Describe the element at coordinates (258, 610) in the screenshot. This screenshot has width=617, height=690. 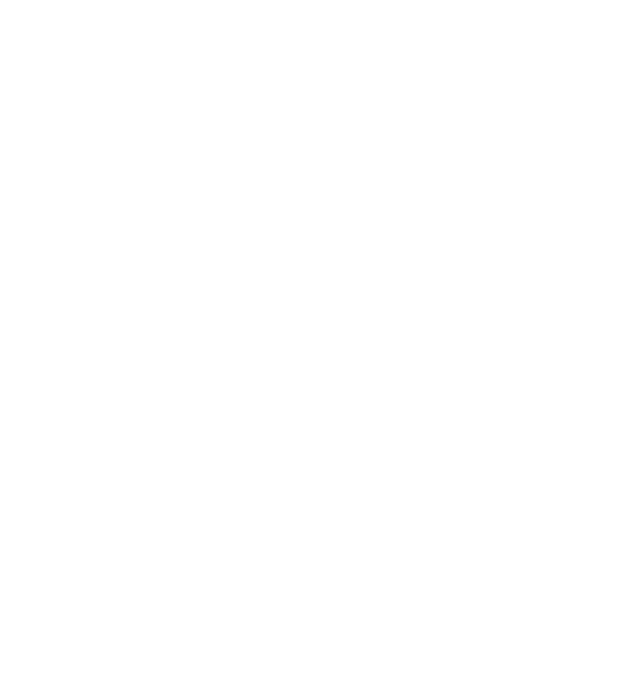
I see `'Harrison Audio 32Classic Mixing Console to Launch at AES'` at that location.